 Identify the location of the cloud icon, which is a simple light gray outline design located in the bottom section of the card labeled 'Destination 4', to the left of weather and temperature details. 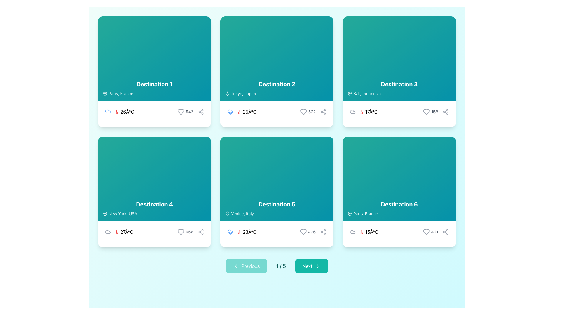
(108, 231).